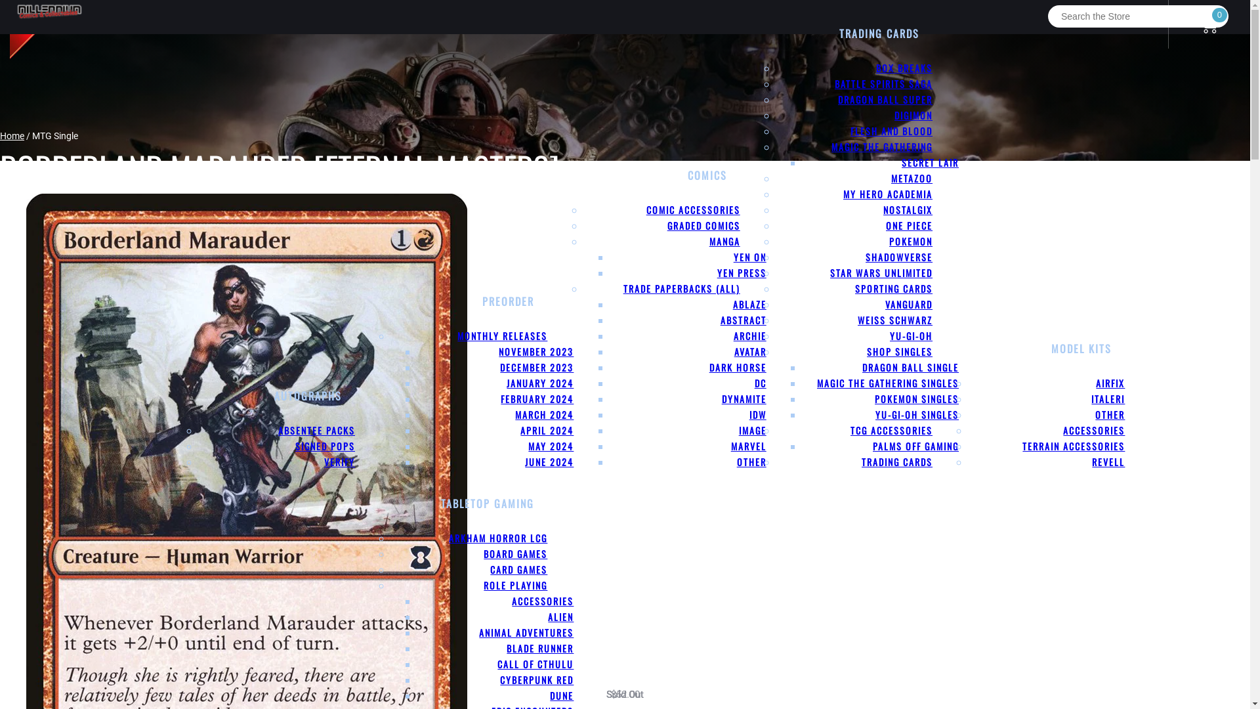 This screenshot has height=709, width=1260. What do you see at coordinates (916, 414) in the screenshot?
I see `'YU-GI-OH SINGLES'` at bounding box center [916, 414].